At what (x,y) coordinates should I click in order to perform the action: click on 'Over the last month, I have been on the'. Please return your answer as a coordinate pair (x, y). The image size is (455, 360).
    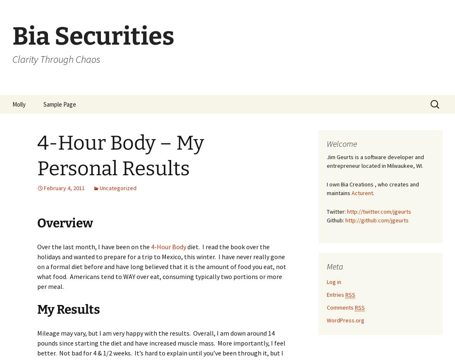
    Looking at the image, I should click on (94, 246).